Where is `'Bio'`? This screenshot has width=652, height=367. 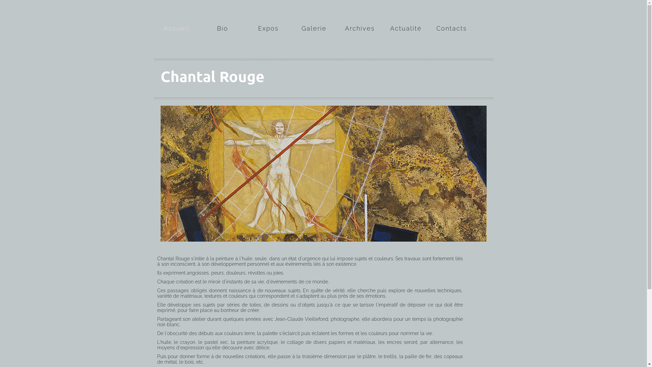 'Bio' is located at coordinates (222, 18).